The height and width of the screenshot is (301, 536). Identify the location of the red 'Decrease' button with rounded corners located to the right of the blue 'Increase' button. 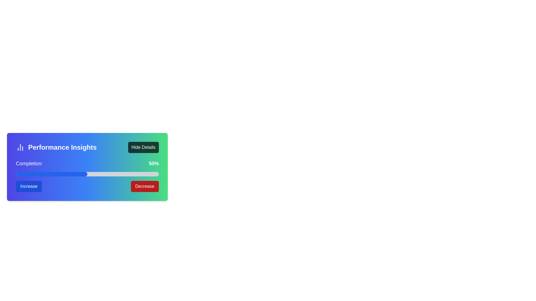
(145, 186).